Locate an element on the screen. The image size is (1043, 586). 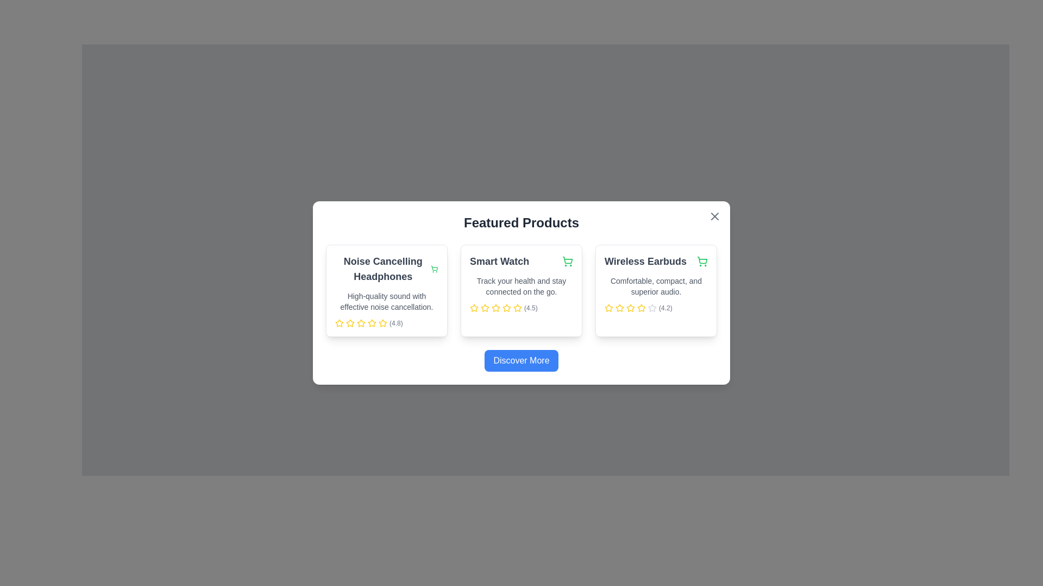
the product information card titled 'Wireless Earbuds', which is the third card in a three-column grid layout, located at the bottom right corner under 'Featured Products' is located at coordinates (656, 290).